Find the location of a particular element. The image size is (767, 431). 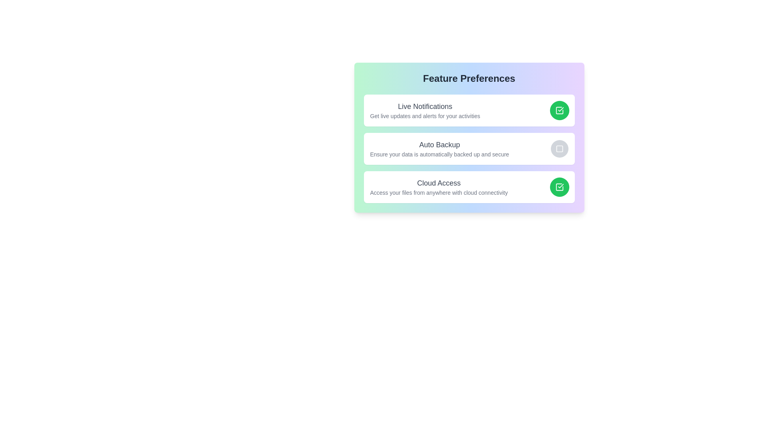

description of the Information card that contains the interactive toggle button for enabling or disabling the auto backup feature, located as the second feature card in the 'Feature Preferences' section is located at coordinates (469, 149).